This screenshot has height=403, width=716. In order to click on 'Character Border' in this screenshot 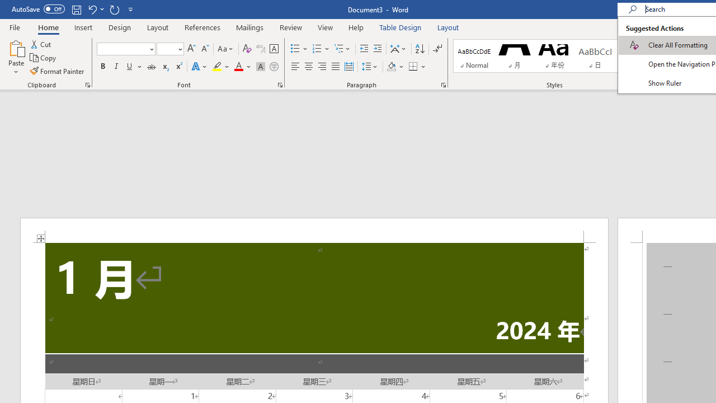, I will do `click(274, 48)`.